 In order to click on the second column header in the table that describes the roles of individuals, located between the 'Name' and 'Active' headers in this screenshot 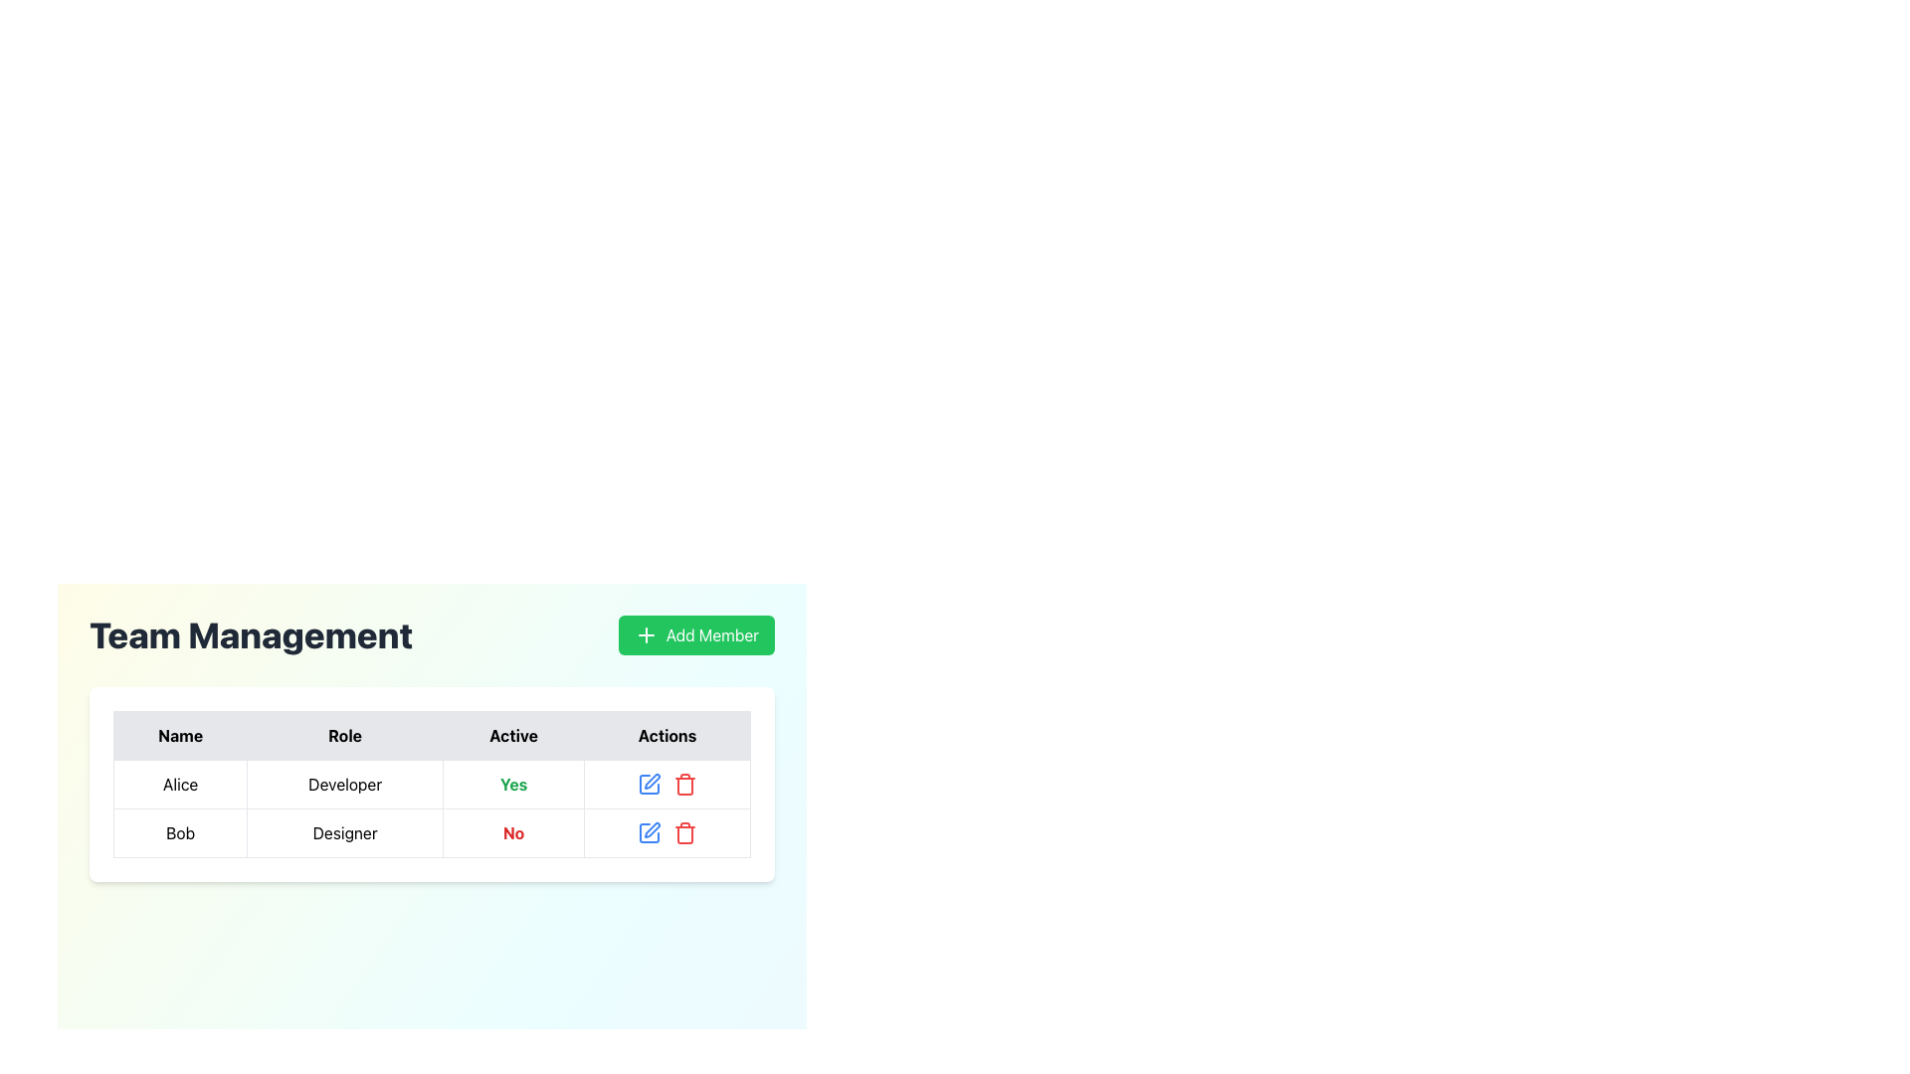, I will do `click(345, 736)`.